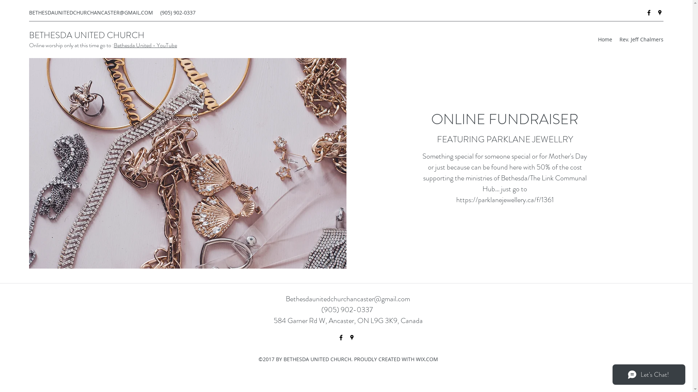  I want to click on 'Bethesda United - YouTube', so click(145, 45).